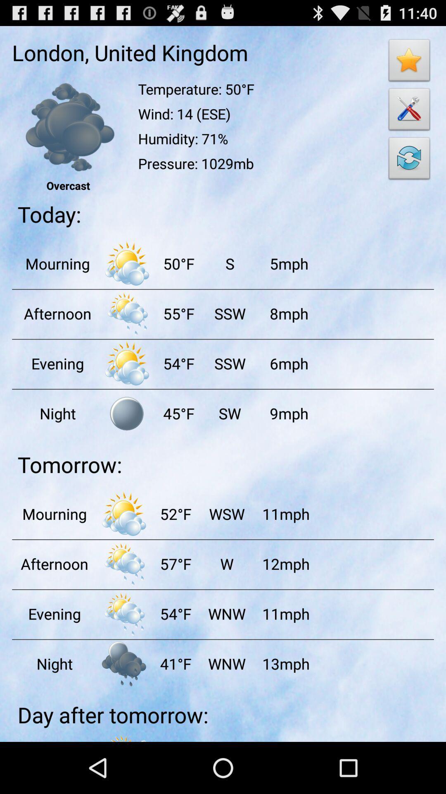  What do you see at coordinates (124, 563) in the screenshot?
I see `partly cloudly with some rain` at bounding box center [124, 563].